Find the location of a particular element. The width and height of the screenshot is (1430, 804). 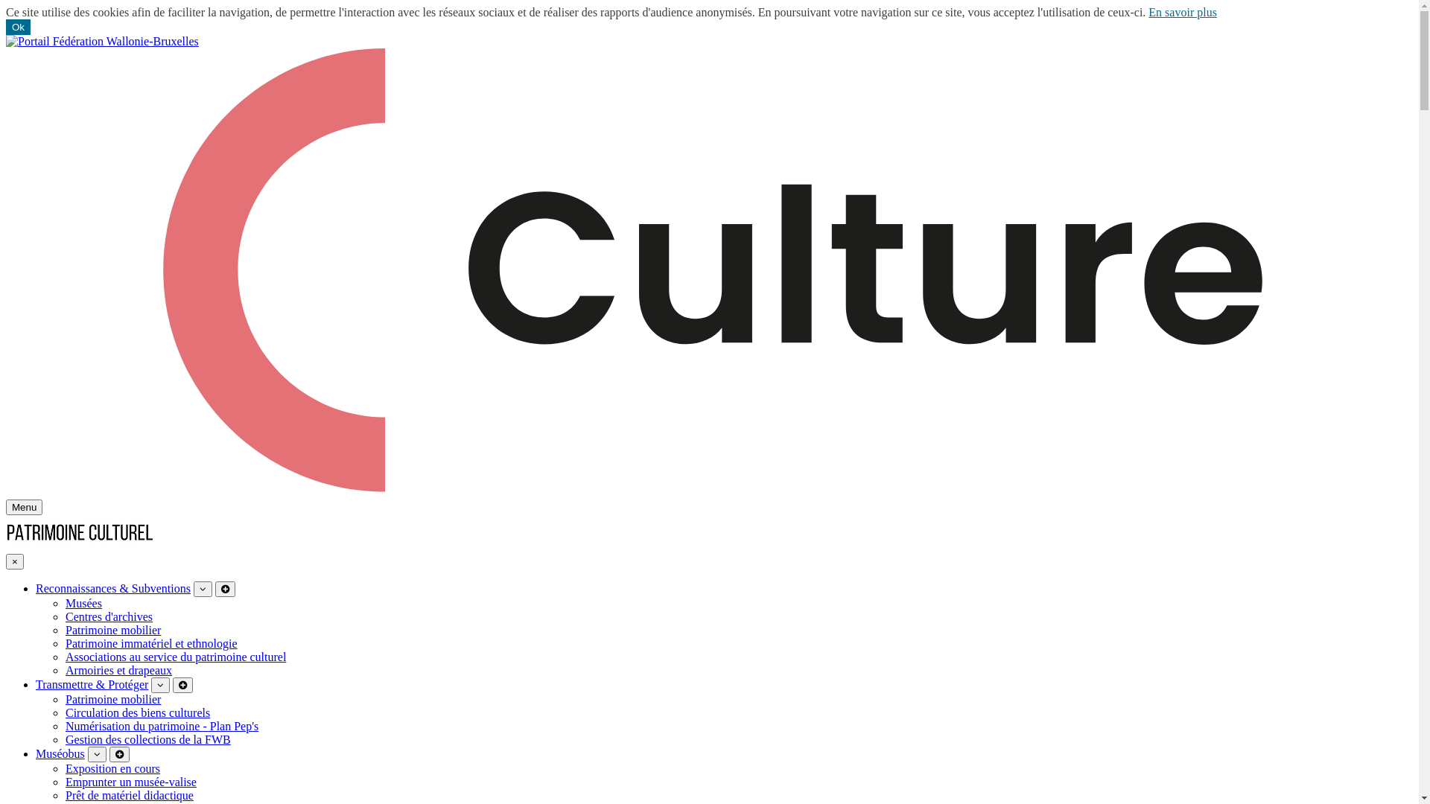

'Patrimoine mobilier' is located at coordinates (112, 699).